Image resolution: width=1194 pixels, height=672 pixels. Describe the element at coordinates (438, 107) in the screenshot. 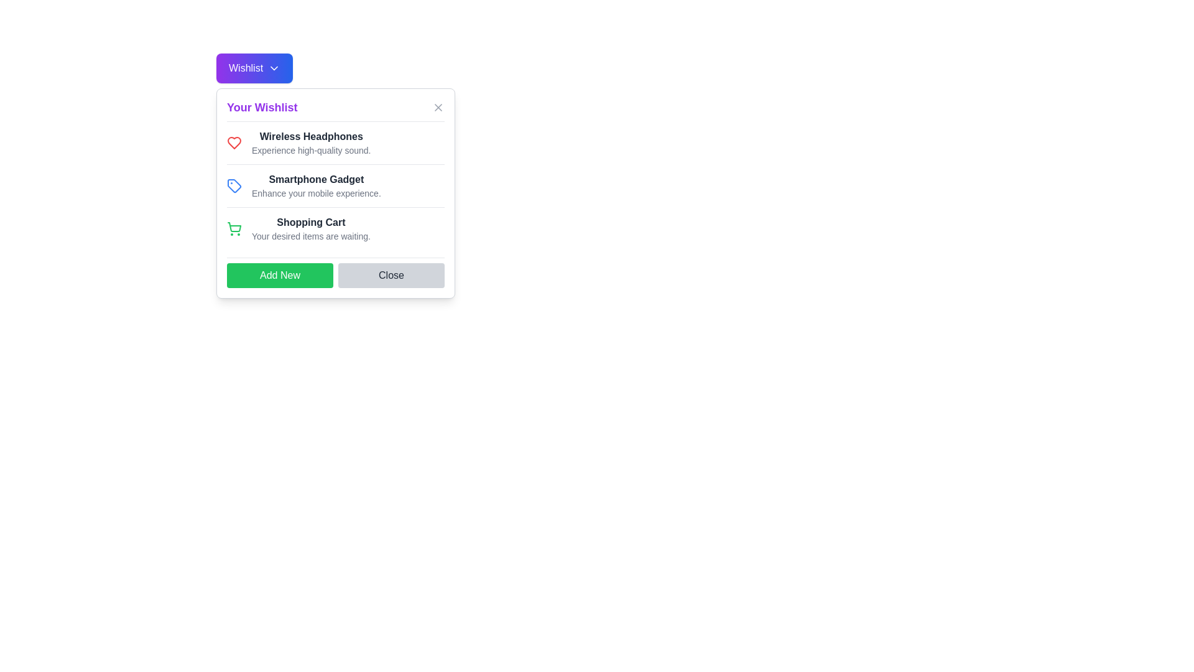

I see `the close button with an 'X' icon in the top-right corner of the 'Your Wishlist' modal` at that location.